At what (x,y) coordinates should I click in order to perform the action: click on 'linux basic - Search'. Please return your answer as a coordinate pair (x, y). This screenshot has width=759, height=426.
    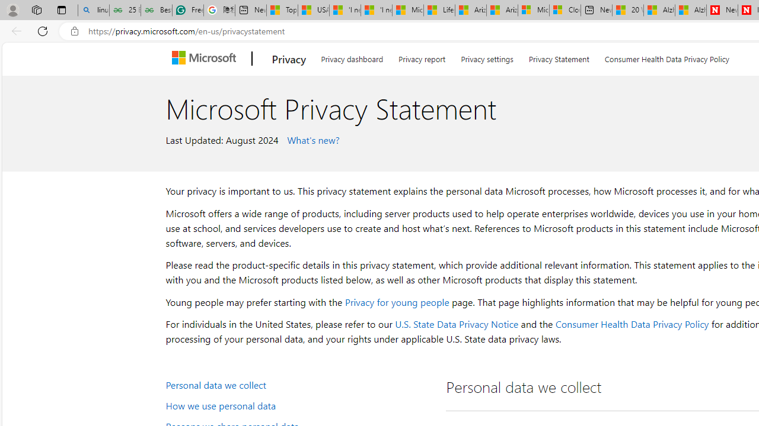
    Looking at the image, I should click on (93, 10).